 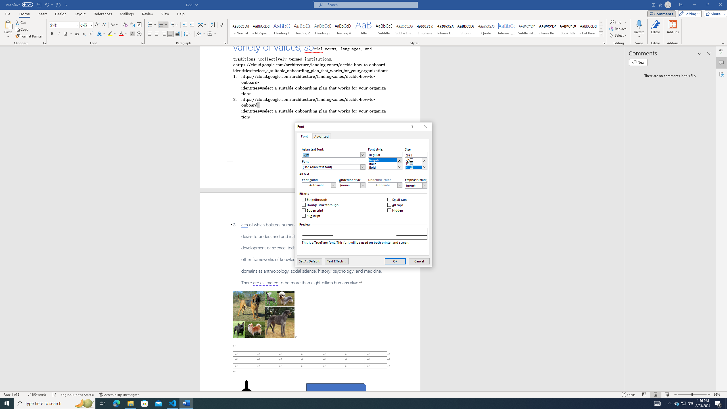 What do you see at coordinates (424, 160) in the screenshot?
I see `'Line up'` at bounding box center [424, 160].